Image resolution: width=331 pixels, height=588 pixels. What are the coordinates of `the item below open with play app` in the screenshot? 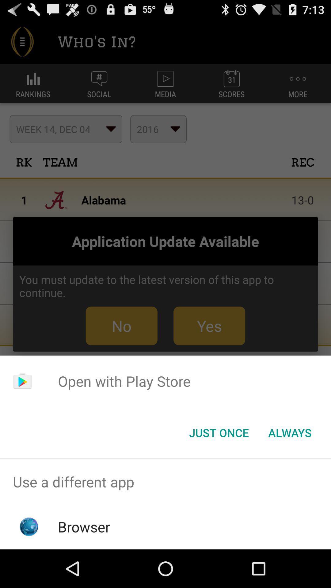 It's located at (219, 432).